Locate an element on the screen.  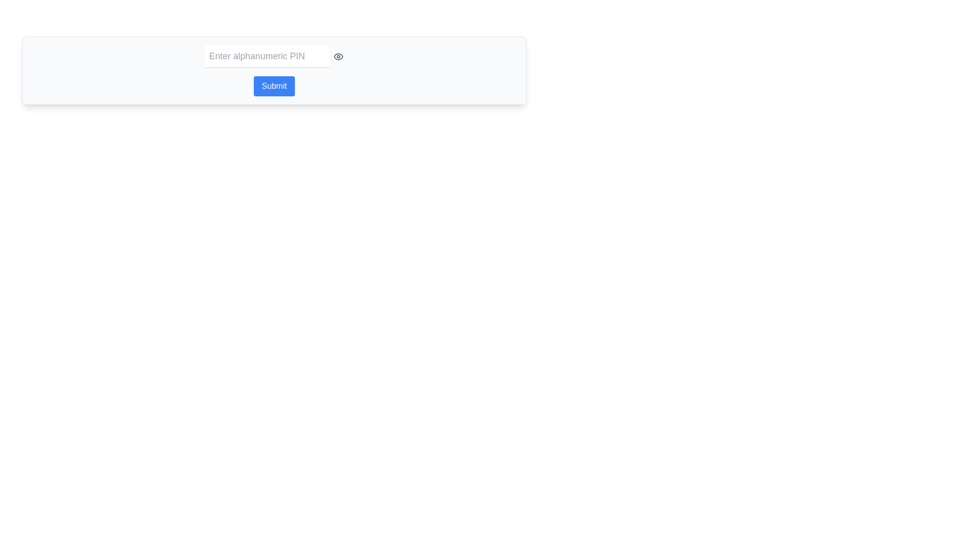
the visibility toggle button located to the right of the 'Enter alphanumeric PIN' input field is located at coordinates (339, 56).